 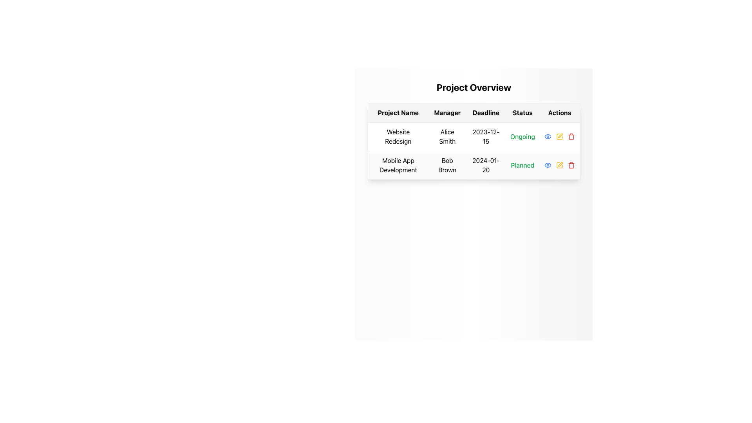 What do you see at coordinates (485, 113) in the screenshot?
I see `the 'Deadline' label, which is a bold text label located in the header row of a table, positioned as the third column out of five, between 'Manager' and 'Status'` at bounding box center [485, 113].